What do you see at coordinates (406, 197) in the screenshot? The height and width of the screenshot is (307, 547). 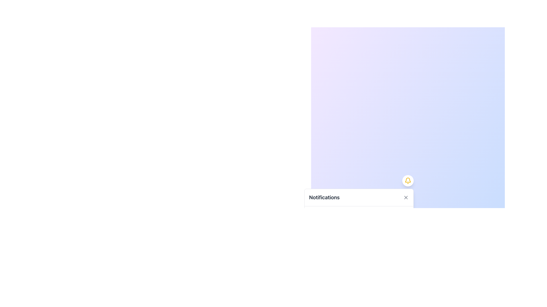 I see `the close button, which is an 'X' icon styled in gray, located to the right of the 'Notifications' title` at bounding box center [406, 197].